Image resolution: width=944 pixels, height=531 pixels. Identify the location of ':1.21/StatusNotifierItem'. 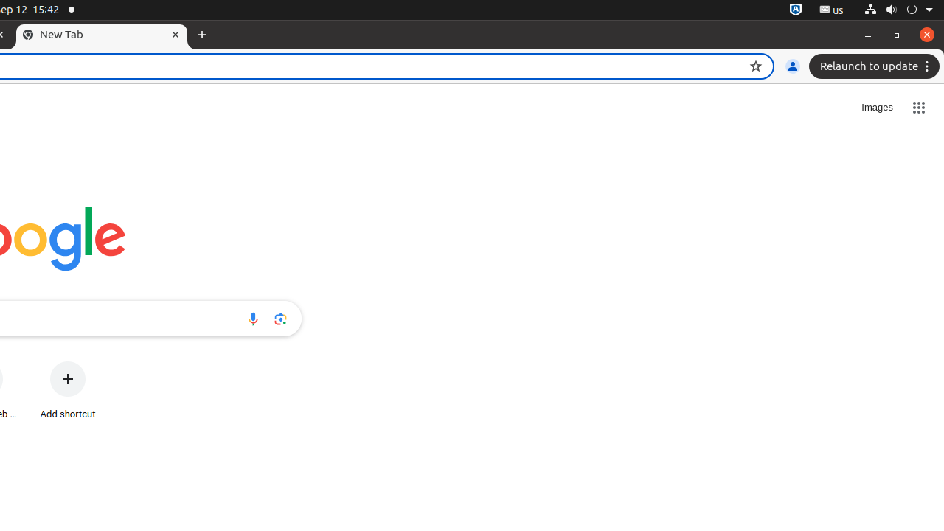
(831, 10).